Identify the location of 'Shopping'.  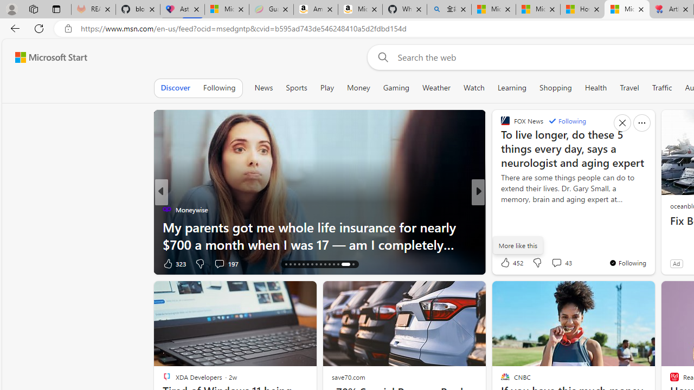
(556, 87).